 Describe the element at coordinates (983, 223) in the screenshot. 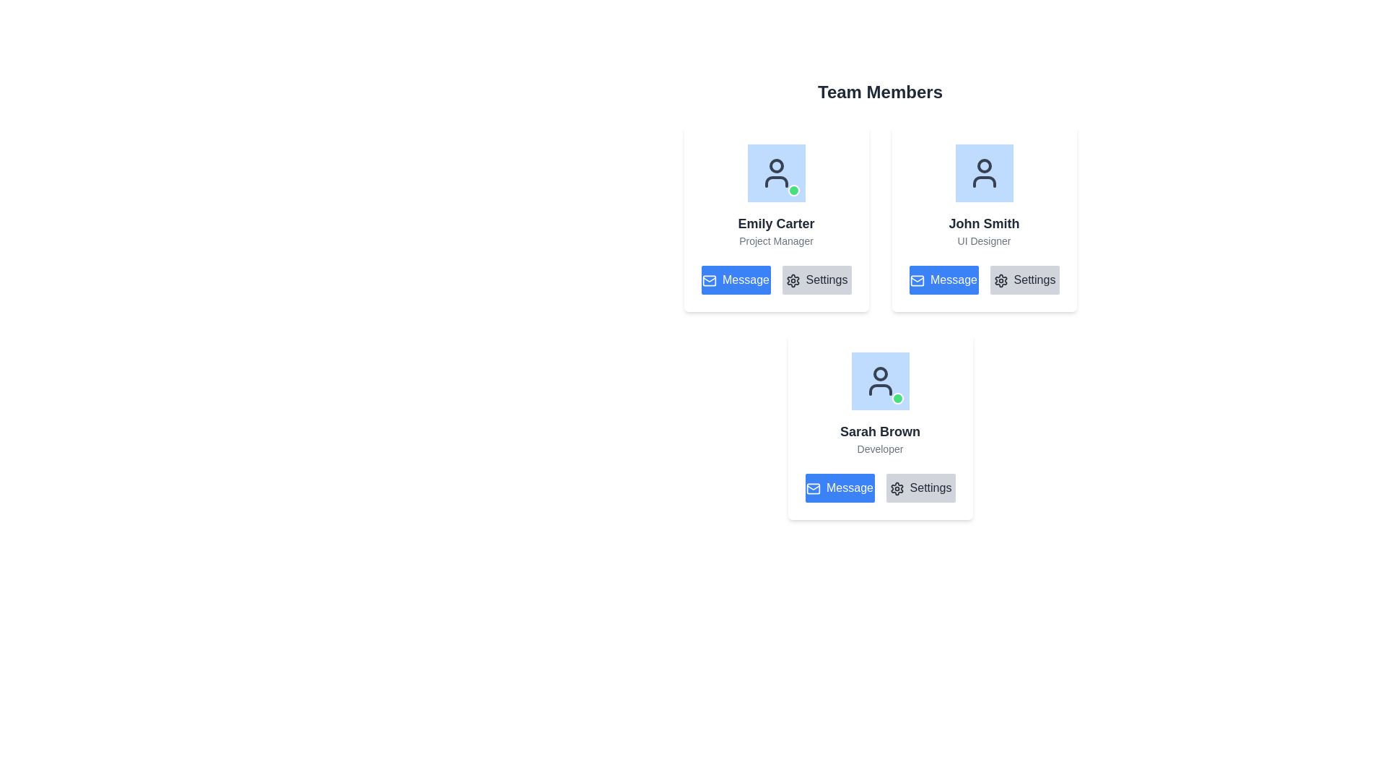

I see `the Text Label displaying 'John Smith', which is positioned in the upper center of the card, above the 'UI Designer' text` at that location.